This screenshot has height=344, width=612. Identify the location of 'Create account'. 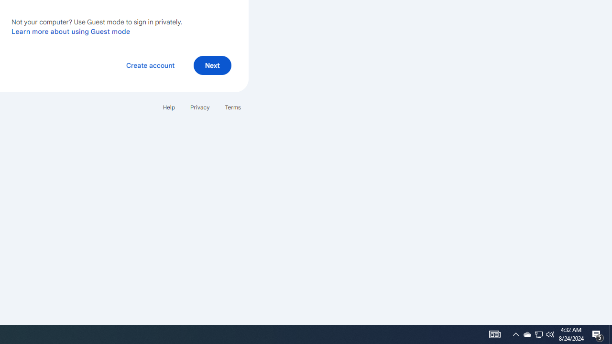
(150, 64).